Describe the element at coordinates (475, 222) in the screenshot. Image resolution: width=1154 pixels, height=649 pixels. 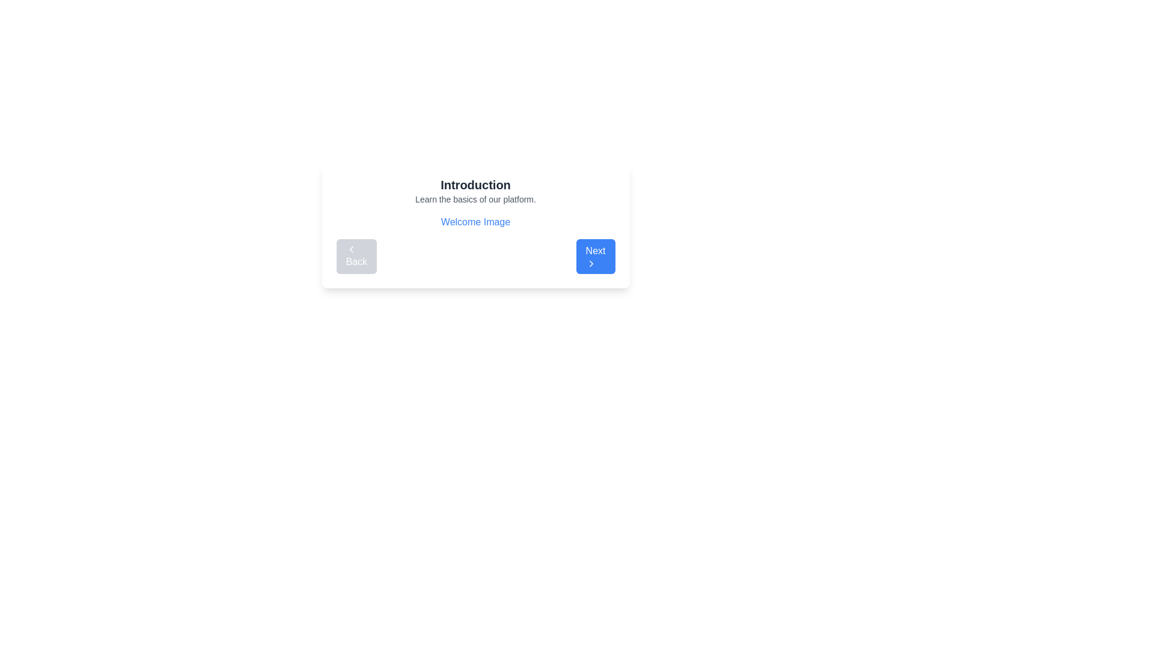
I see `the text element that serves as a label or title, positioned below 'Learn the basics of our platform.' and above the navigation buttons` at that location.